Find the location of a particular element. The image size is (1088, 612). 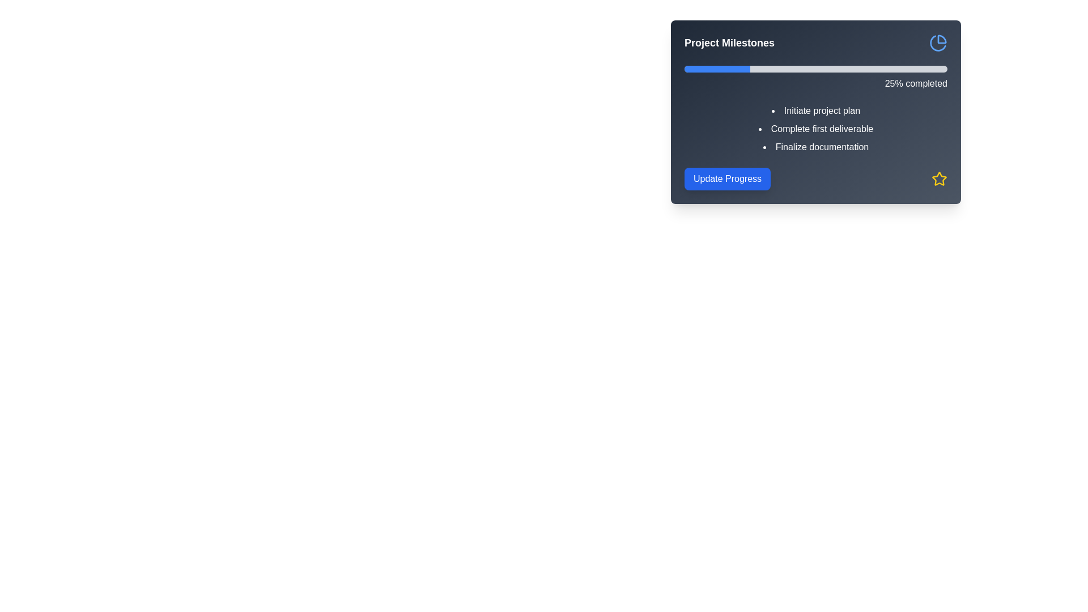

text of the second milestone item, 'Complete first deliverable', located in the middle section of the dark gray card titled 'Project Milestones' is located at coordinates (816, 128).